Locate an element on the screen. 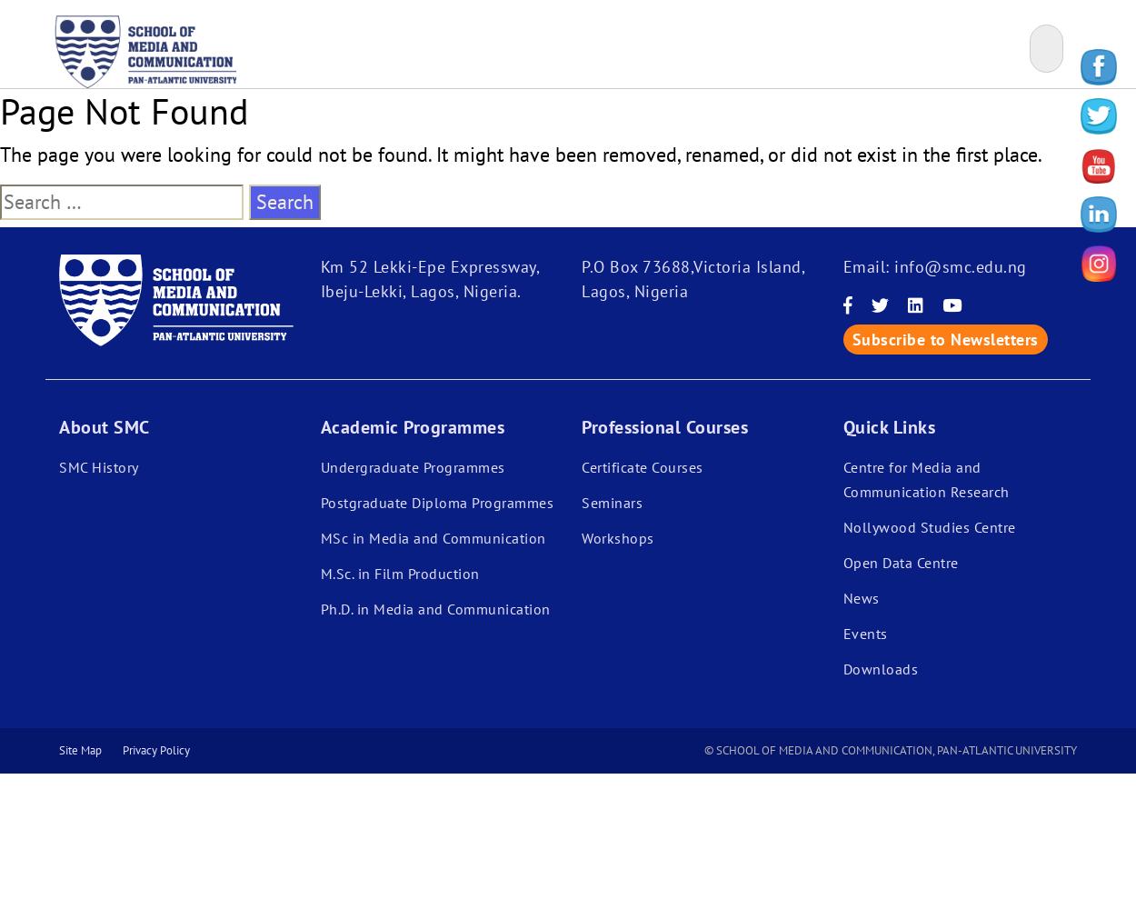  'Seminars' is located at coordinates (582, 503).